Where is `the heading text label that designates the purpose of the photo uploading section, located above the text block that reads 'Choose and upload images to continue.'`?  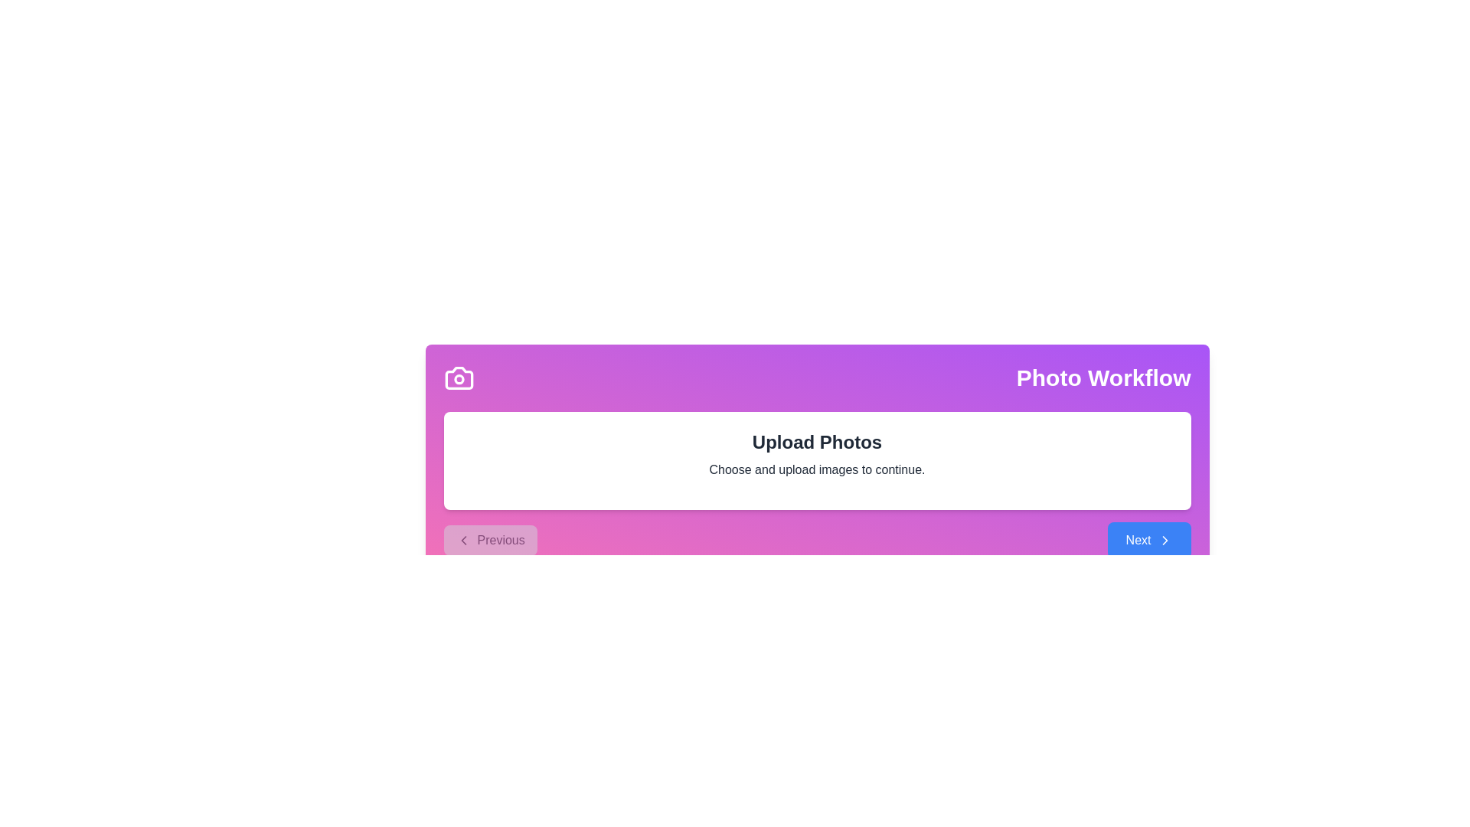
the heading text label that designates the purpose of the photo uploading section, located above the text block that reads 'Choose and upload images to continue.' is located at coordinates (816, 443).